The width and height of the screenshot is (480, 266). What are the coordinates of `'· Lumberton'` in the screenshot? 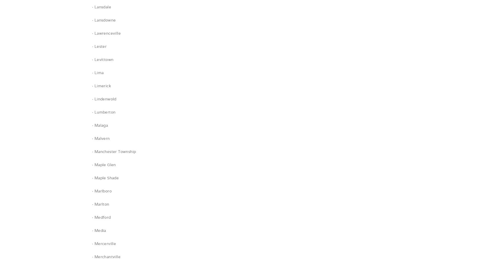 It's located at (103, 112).